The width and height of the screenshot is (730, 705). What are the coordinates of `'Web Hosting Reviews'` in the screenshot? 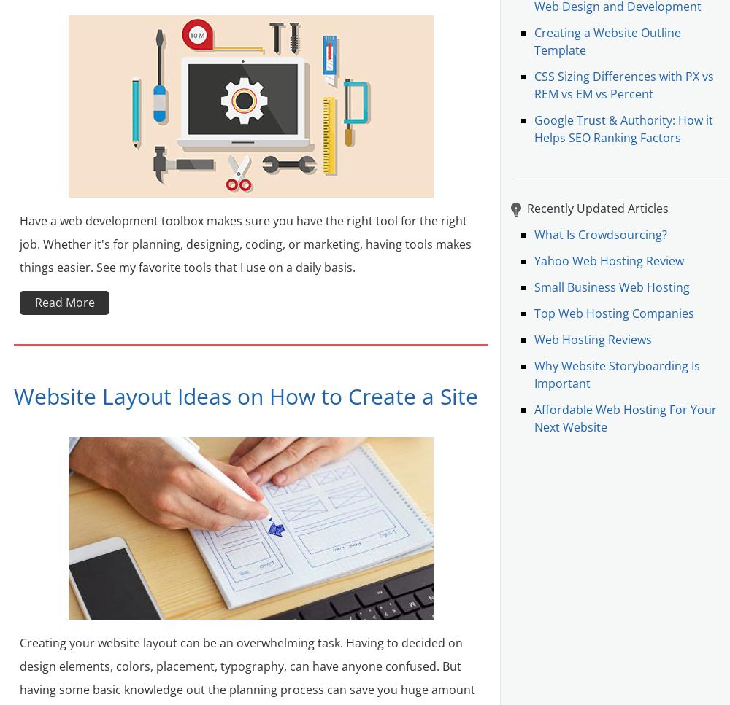 It's located at (593, 339).